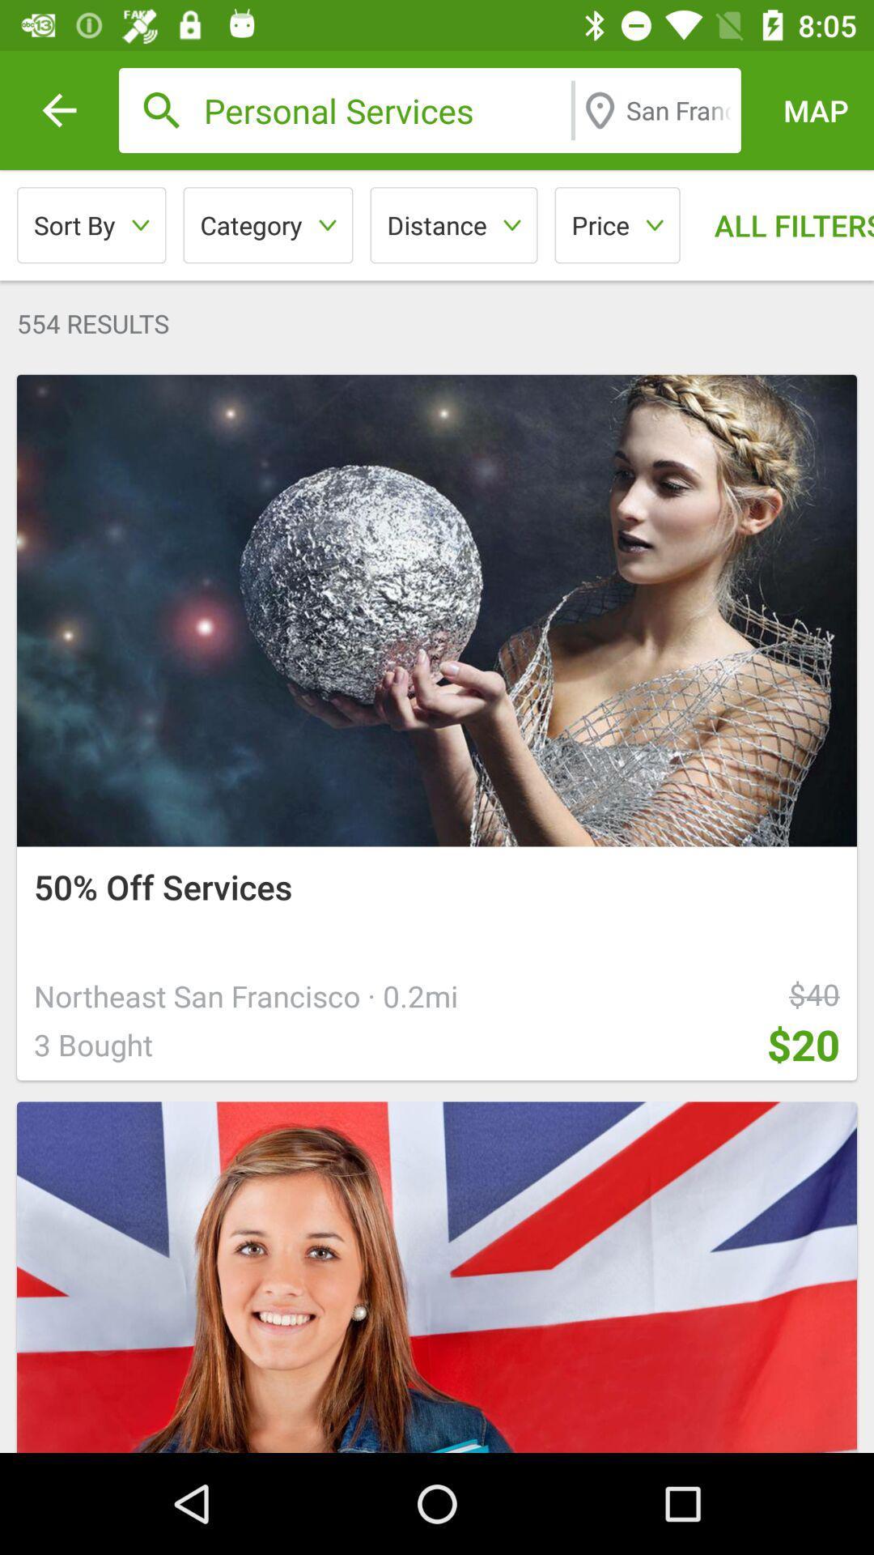 The width and height of the screenshot is (874, 1555). Describe the element at coordinates (267, 224) in the screenshot. I see `item to the right of sort by item` at that location.